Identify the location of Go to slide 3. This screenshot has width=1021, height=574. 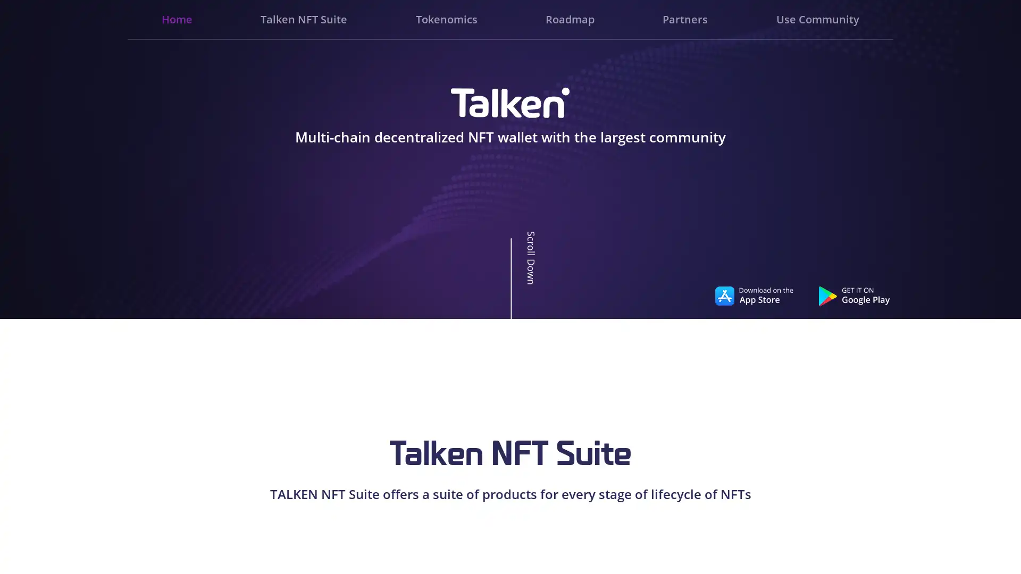
(175, 451).